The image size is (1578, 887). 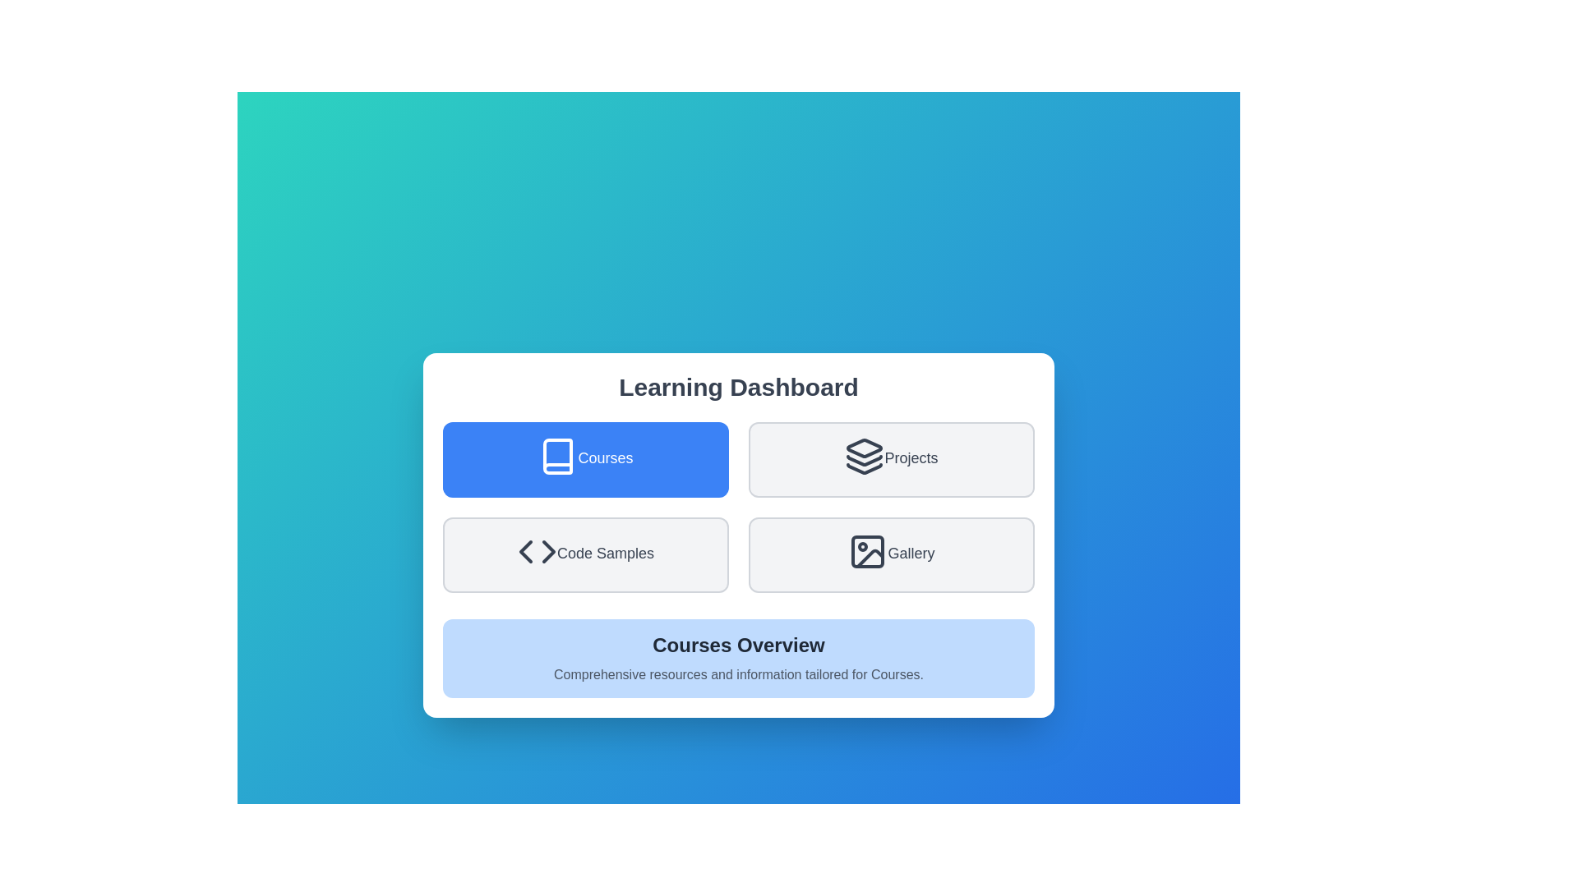 I want to click on the Projects button to select it, so click(x=890, y=459).